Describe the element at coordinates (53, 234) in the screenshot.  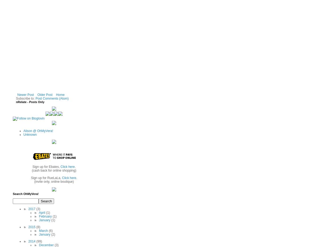
I see `'(2)'` at that location.